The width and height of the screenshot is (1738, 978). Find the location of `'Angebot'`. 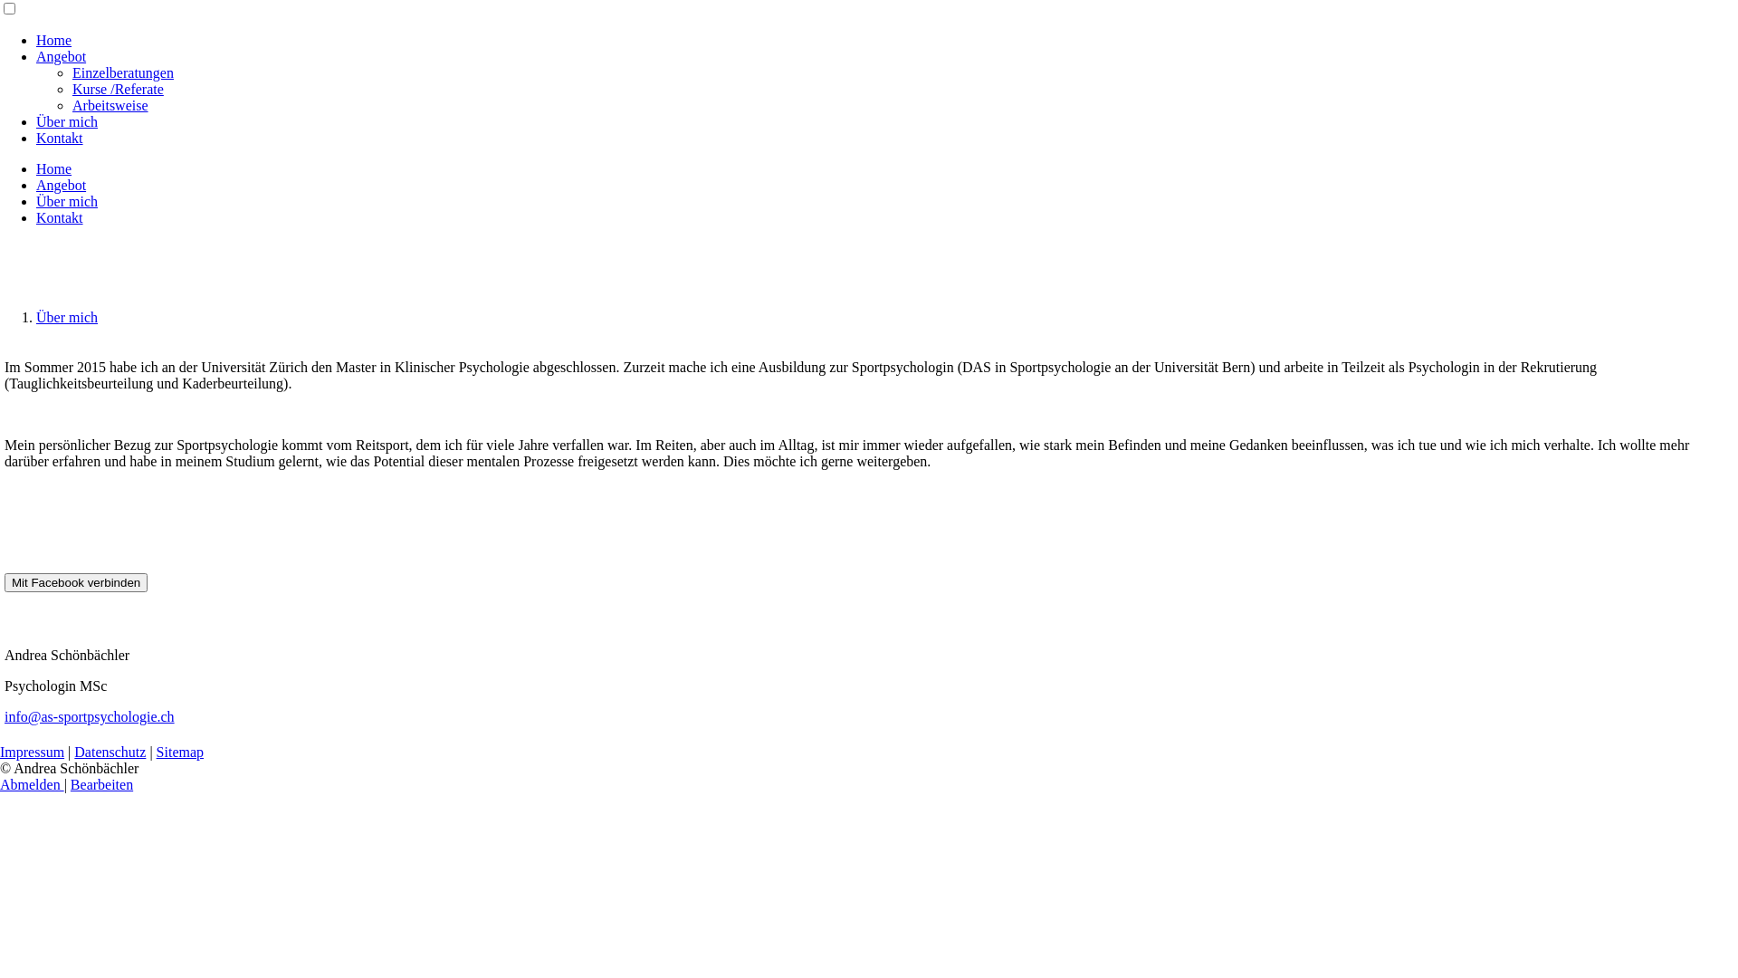

'Angebot' is located at coordinates (35, 55).